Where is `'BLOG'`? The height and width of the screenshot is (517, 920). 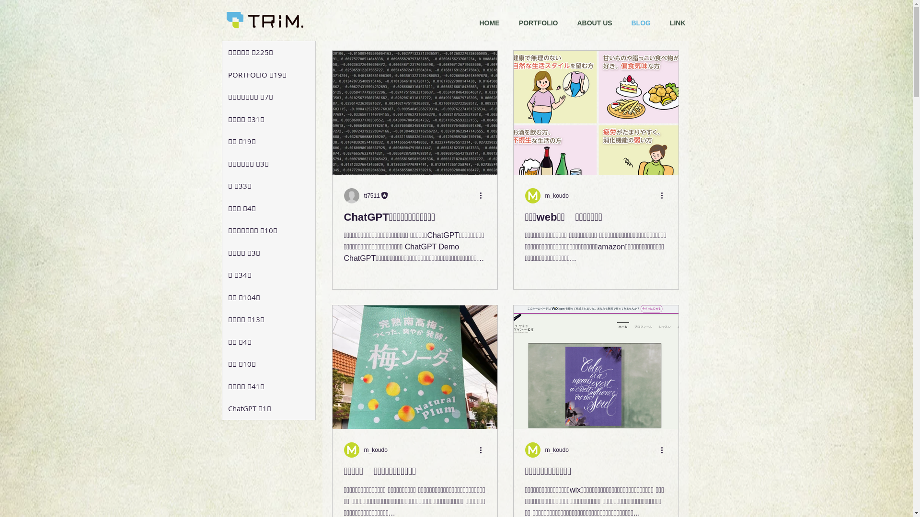 'BLOG' is located at coordinates (641, 22).